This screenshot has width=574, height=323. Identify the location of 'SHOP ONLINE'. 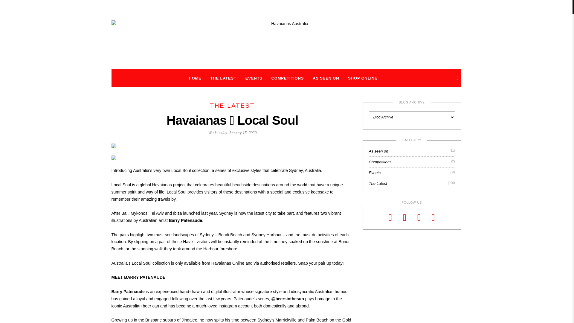
(362, 78).